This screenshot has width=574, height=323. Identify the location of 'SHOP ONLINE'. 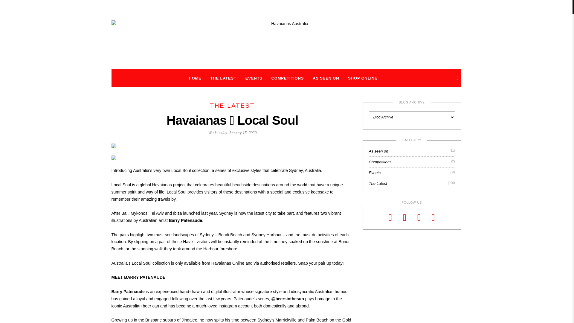
(362, 78).